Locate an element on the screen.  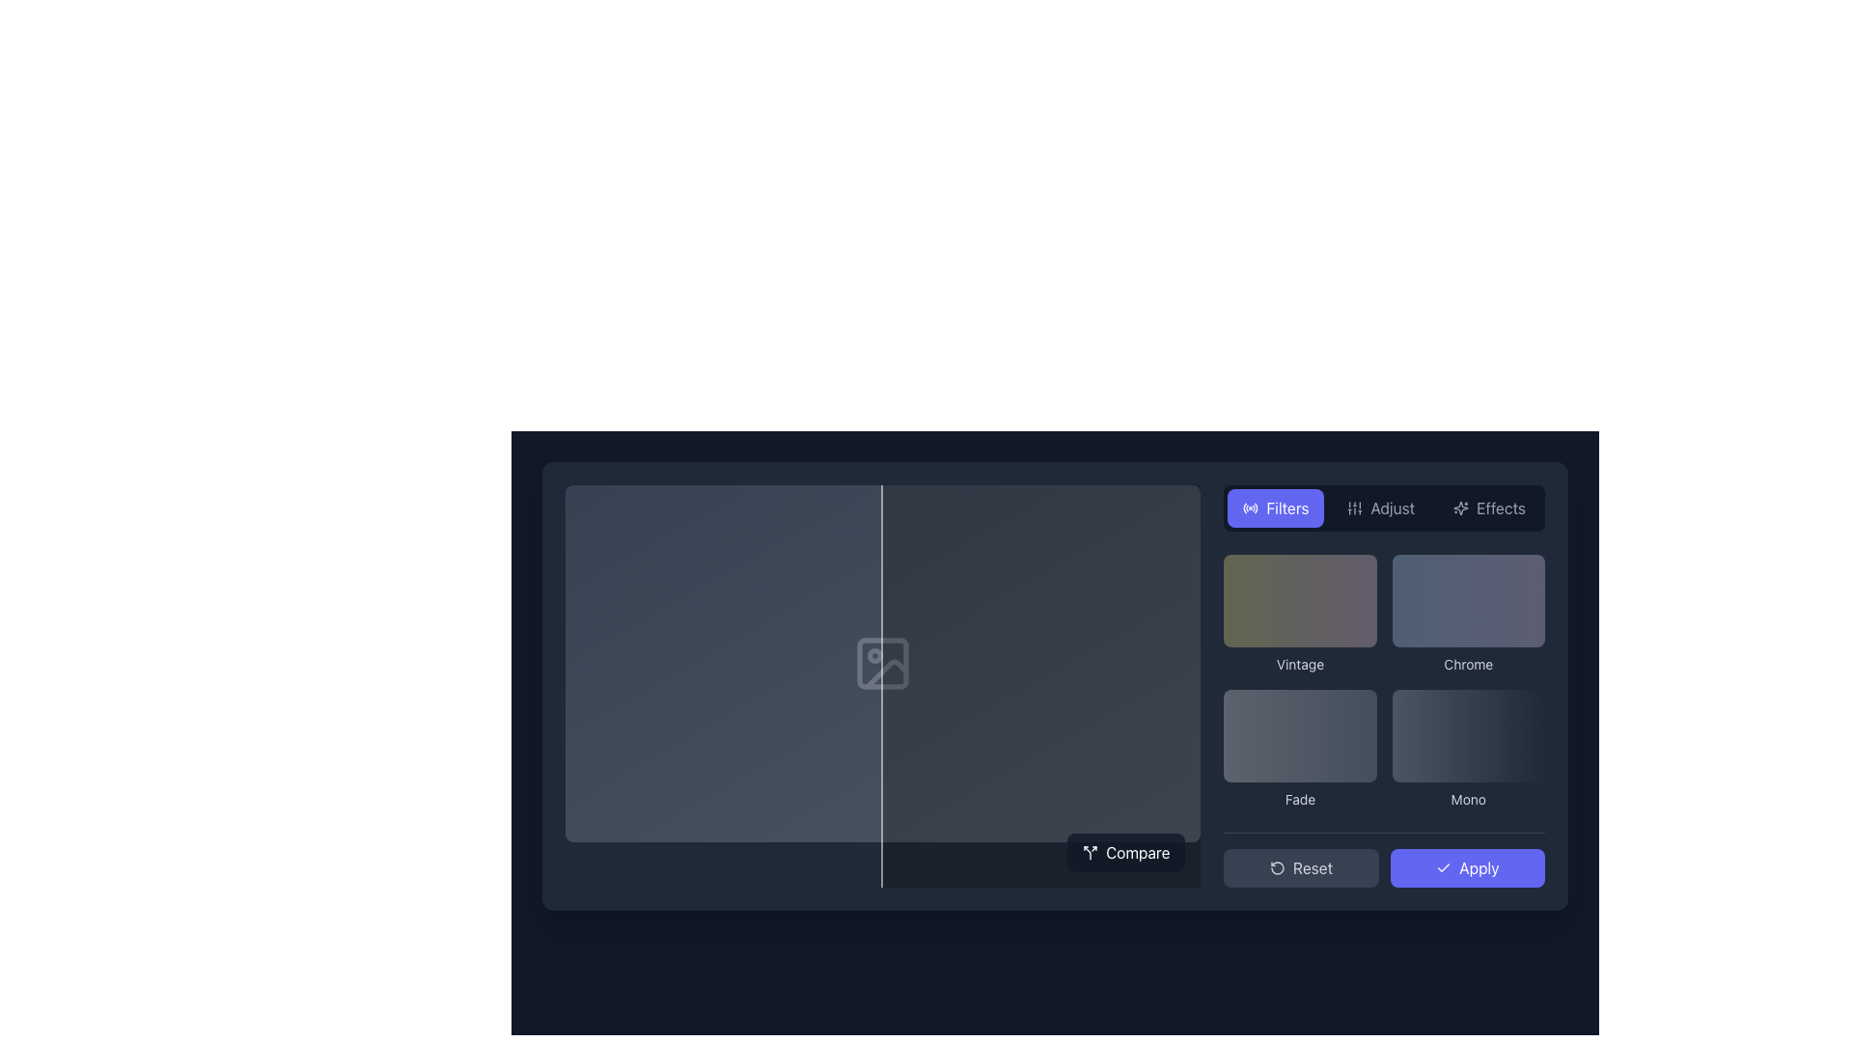
the rectangular button with rounded corners located in the bottom-right section of the interface, specifically is located at coordinates (1300, 736).